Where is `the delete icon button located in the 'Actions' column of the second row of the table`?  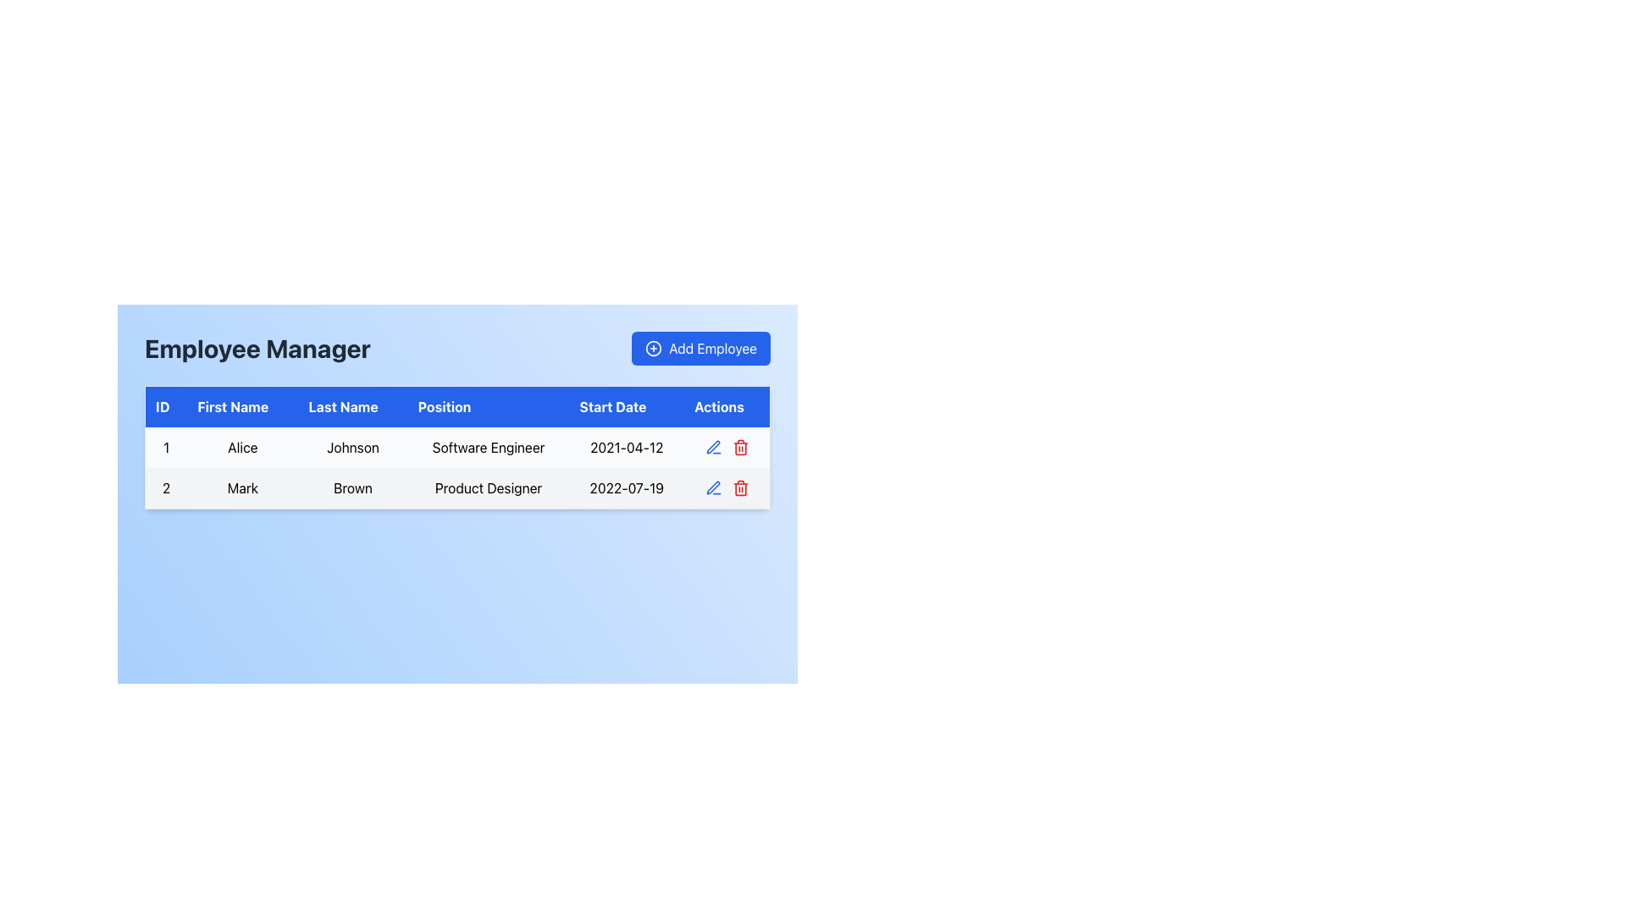
the delete icon button located in the 'Actions' column of the second row of the table is located at coordinates (740, 446).